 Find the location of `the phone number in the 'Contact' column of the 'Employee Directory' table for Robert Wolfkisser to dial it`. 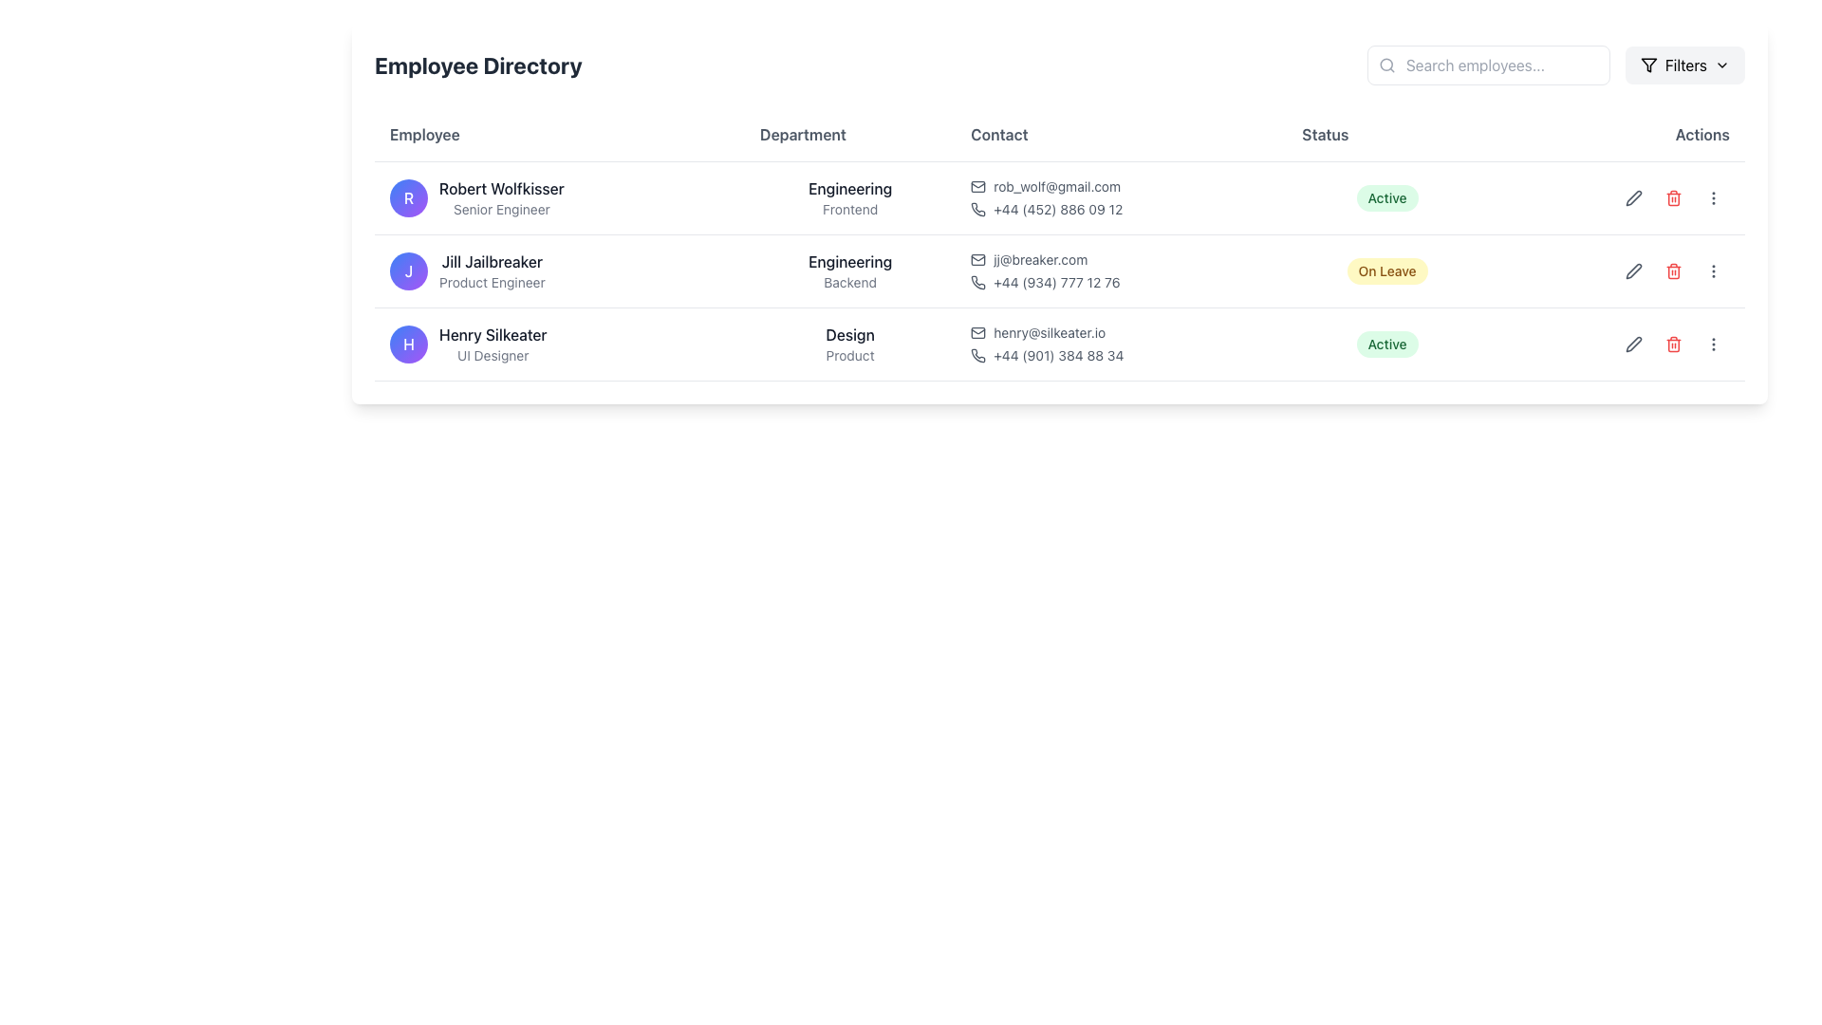

the phone number in the 'Contact' column of the 'Employee Directory' table for Robert Wolfkisser to dial it is located at coordinates (1121, 197).